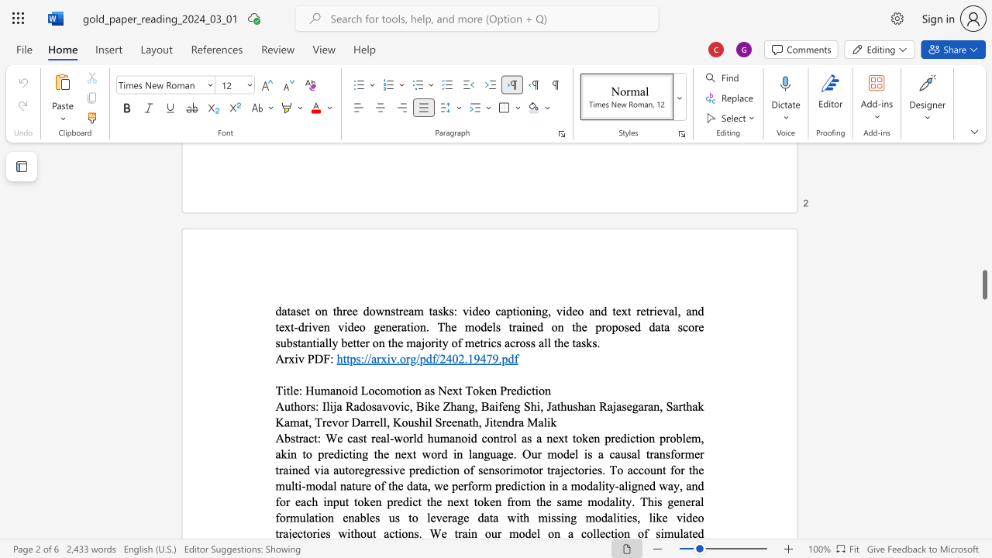 The image size is (992, 558). I want to click on the scrollbar on the side, so click(983, 192).